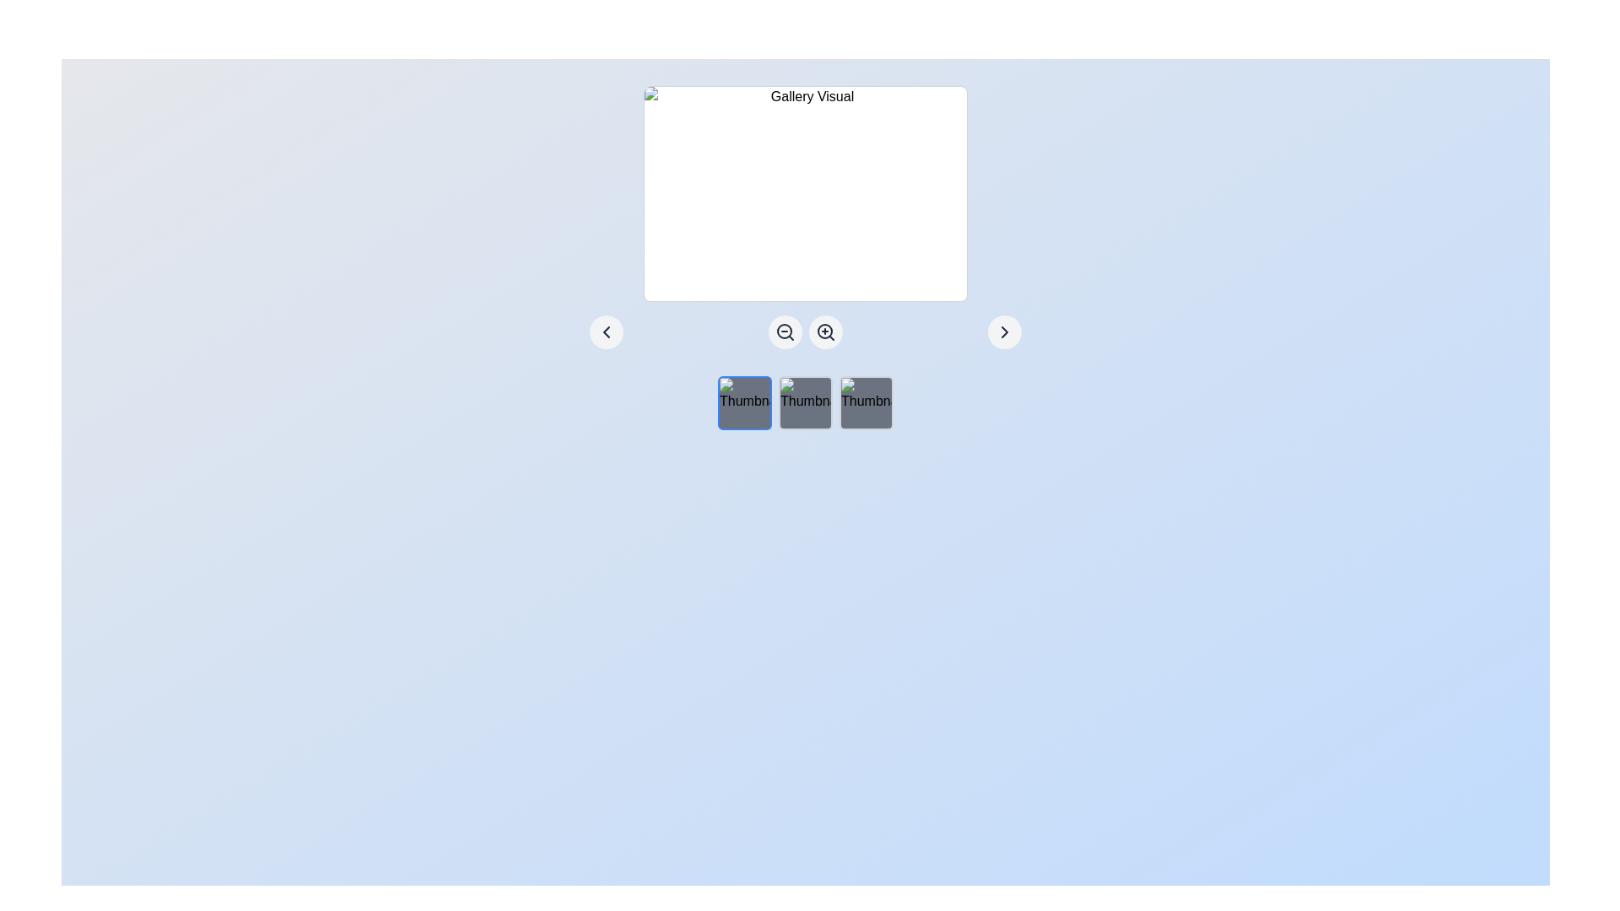 The width and height of the screenshot is (1620, 911). What do you see at coordinates (805, 403) in the screenshot?
I see `the second thumbnail image with rounded corners and a bluish gradient` at bounding box center [805, 403].